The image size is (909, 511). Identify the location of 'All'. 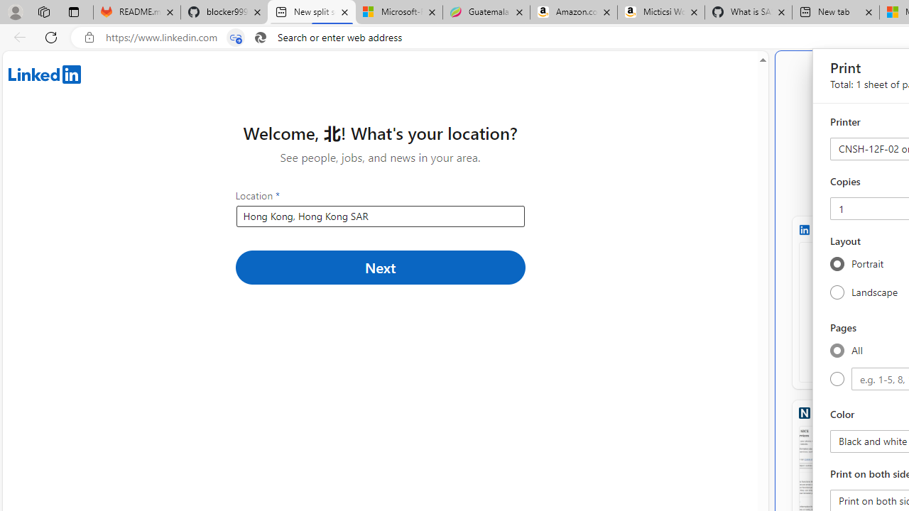
(837, 350).